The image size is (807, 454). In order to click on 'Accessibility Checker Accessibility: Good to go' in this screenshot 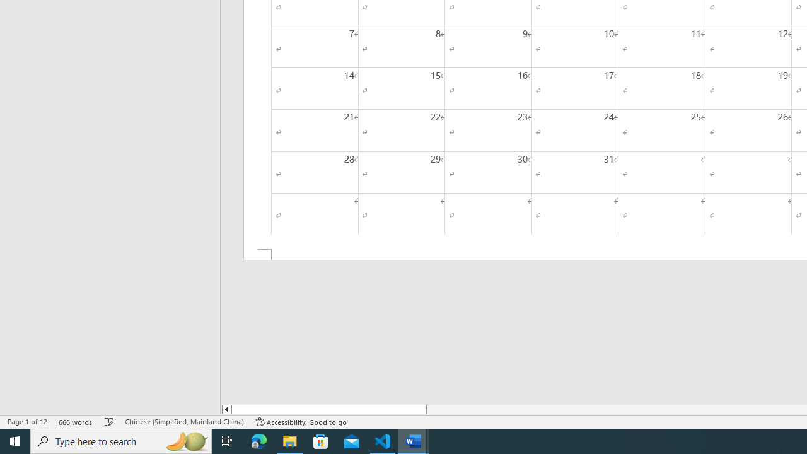, I will do `click(301, 422)`.